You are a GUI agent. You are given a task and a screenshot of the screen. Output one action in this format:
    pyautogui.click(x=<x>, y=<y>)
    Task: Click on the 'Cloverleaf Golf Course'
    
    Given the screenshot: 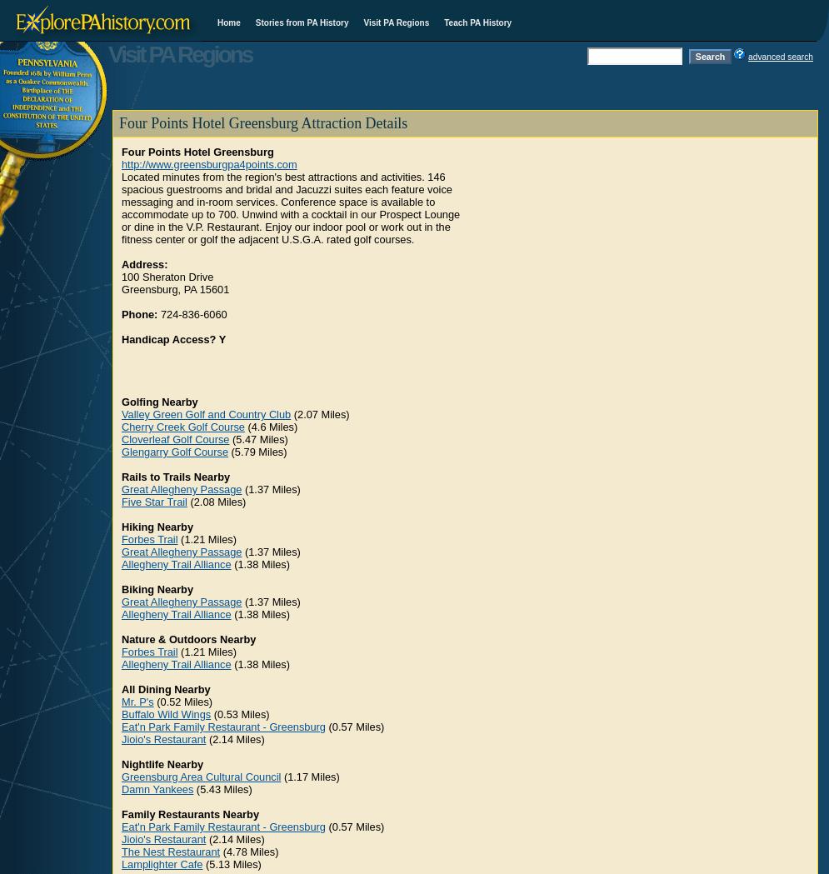 What is the action you would take?
    pyautogui.click(x=174, y=439)
    